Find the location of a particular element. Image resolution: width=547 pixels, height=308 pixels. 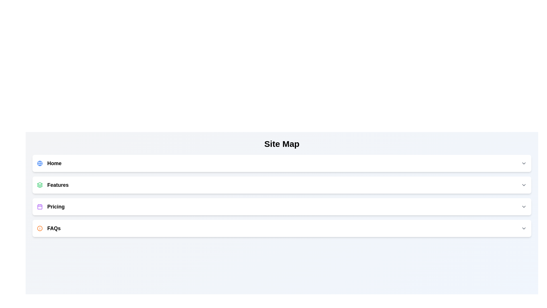

the 'FAQs' label, which is the fourth item in the list is located at coordinates (49, 228).